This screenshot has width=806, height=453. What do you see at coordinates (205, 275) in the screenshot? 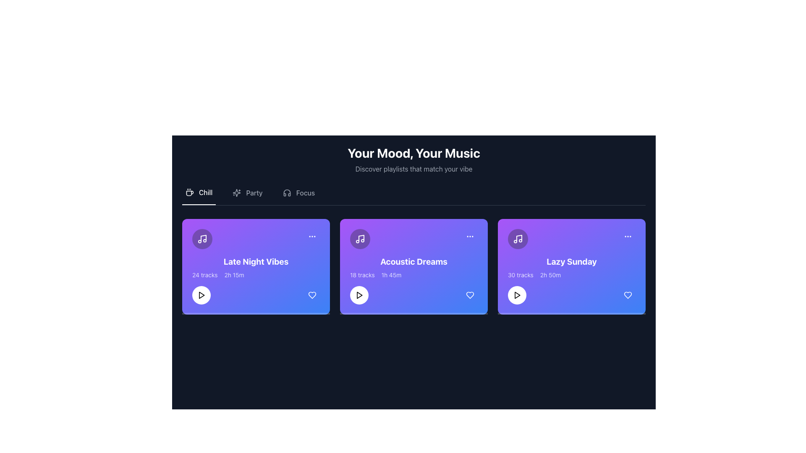
I see `the Text Label that indicates the number of tracks in the playlist within the 'Late Night Vibes' card, located to the left of the '2h 15m' text element` at bounding box center [205, 275].